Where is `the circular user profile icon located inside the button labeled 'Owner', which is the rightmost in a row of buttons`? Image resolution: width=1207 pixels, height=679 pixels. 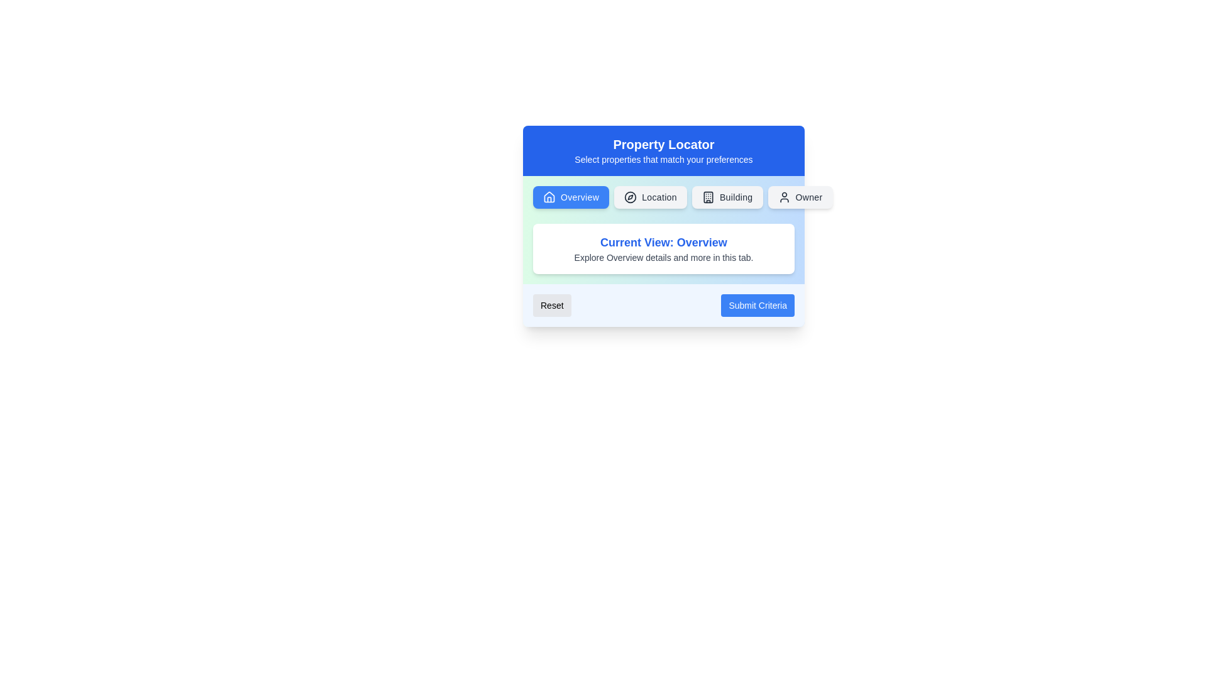 the circular user profile icon located inside the button labeled 'Owner', which is the rightmost in a row of buttons is located at coordinates (783, 197).